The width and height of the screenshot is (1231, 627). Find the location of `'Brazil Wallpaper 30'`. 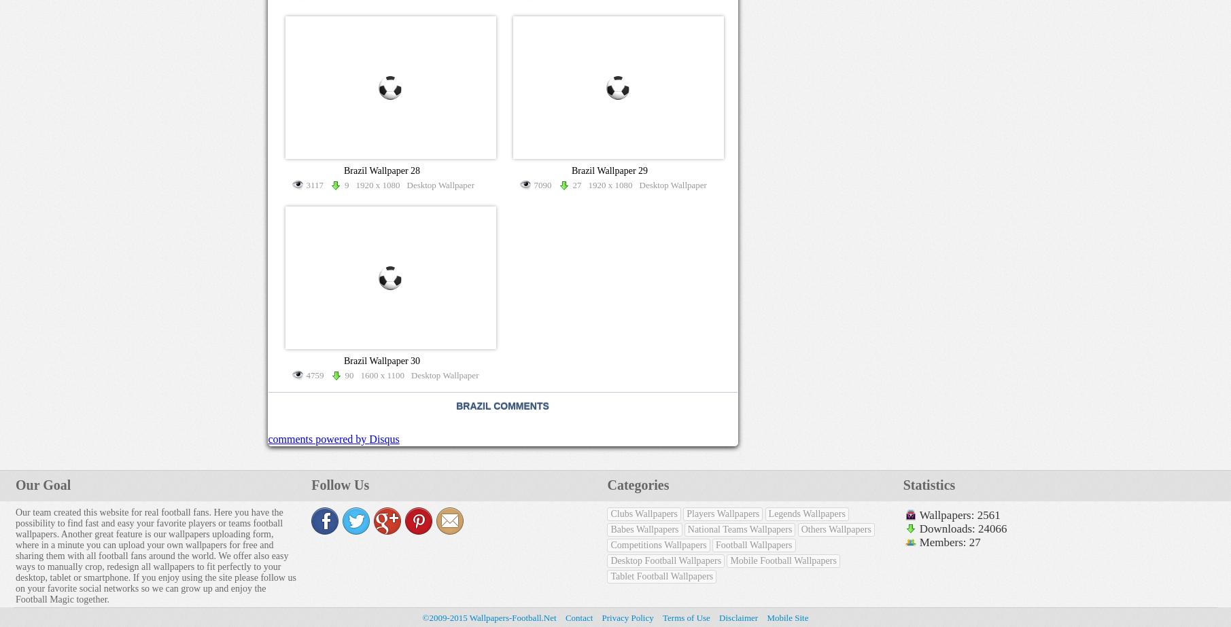

'Brazil Wallpaper 30' is located at coordinates (381, 360).